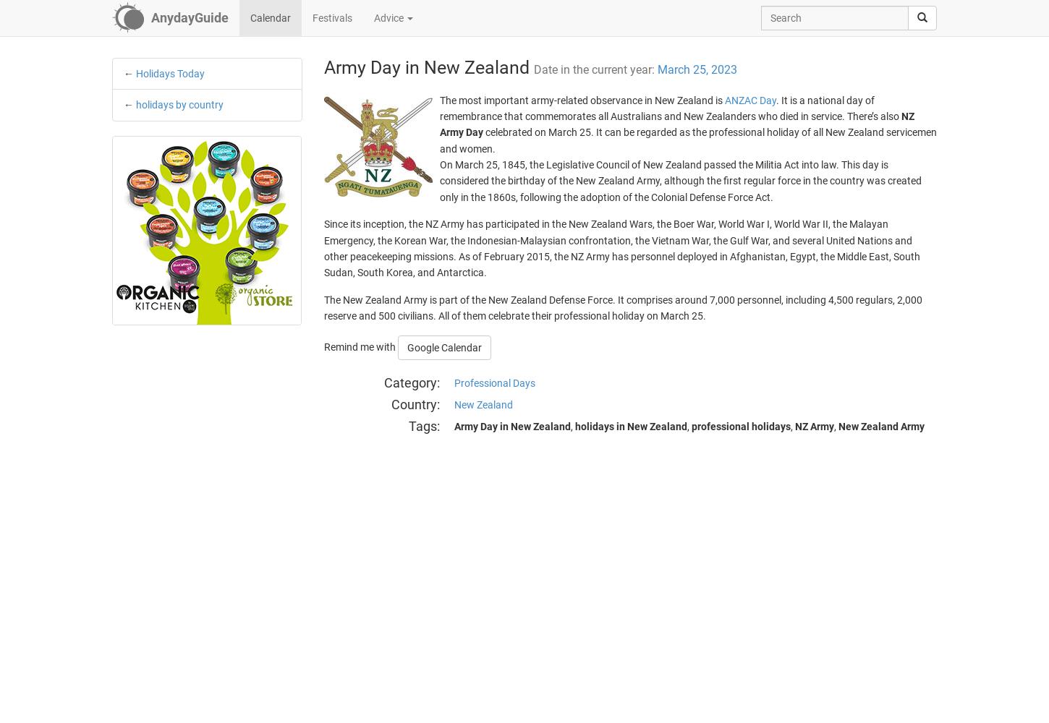 The image size is (1049, 723). What do you see at coordinates (409, 382) in the screenshot?
I see `'Category'` at bounding box center [409, 382].